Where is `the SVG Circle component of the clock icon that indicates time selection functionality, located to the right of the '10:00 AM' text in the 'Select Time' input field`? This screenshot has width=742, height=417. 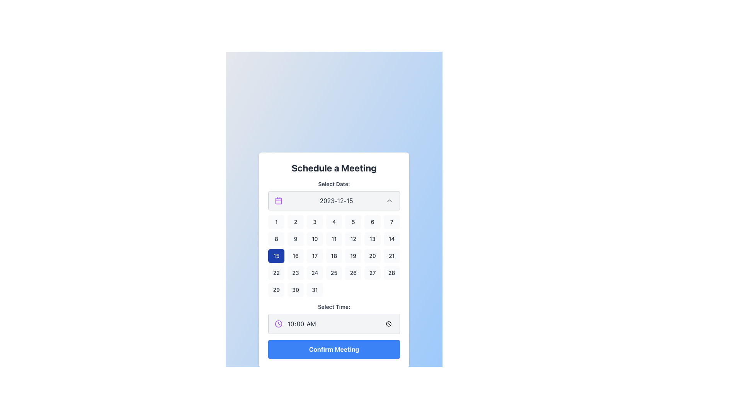 the SVG Circle component of the clock icon that indicates time selection functionality, located to the right of the '10:00 AM' text in the 'Select Time' input field is located at coordinates (278, 324).